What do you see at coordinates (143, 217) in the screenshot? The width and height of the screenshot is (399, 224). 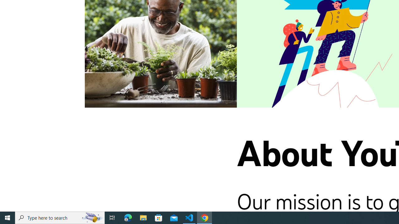 I see `'File Explorer'` at bounding box center [143, 217].